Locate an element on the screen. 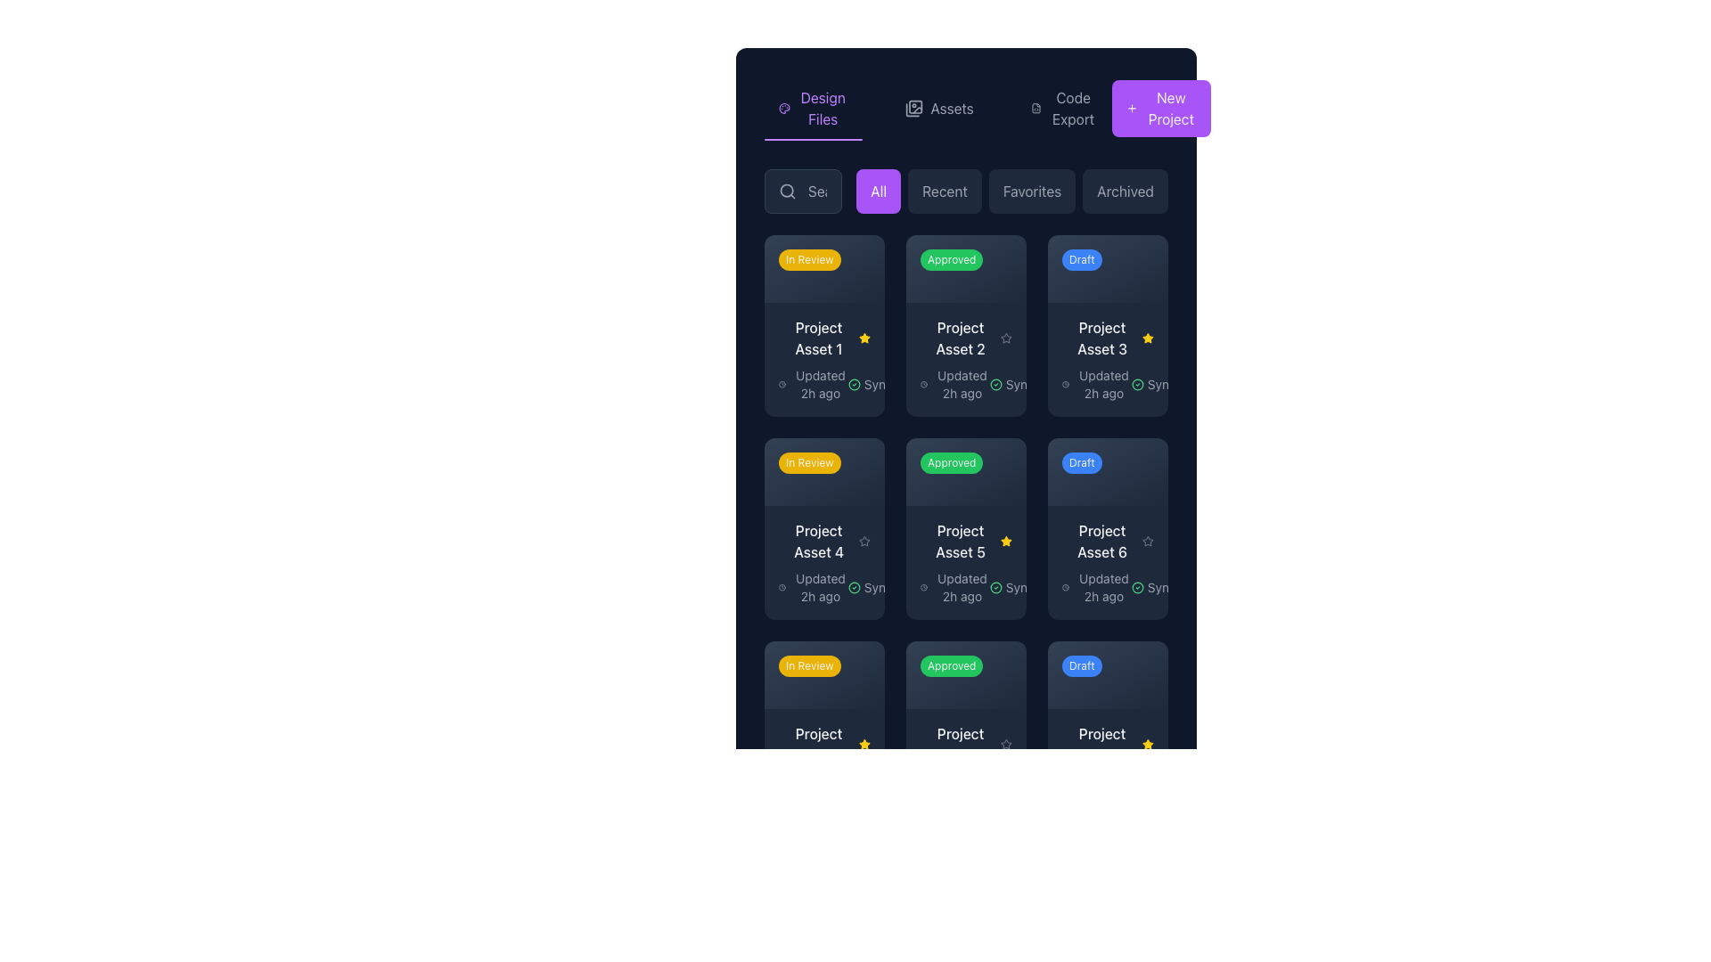 The width and height of the screenshot is (1711, 962). the status indicator that shows the content has been synchronized, located in the third column, second row of the grid-style layout, following the 'Updated 2h ago' text is located at coordinates (1160, 383).